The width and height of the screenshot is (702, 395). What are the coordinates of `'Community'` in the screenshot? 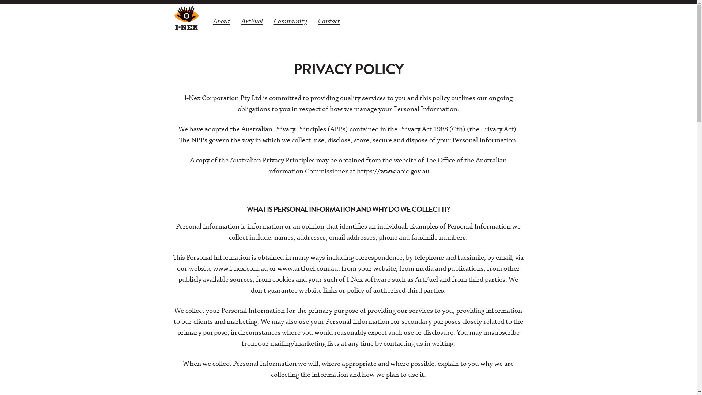 It's located at (290, 20).